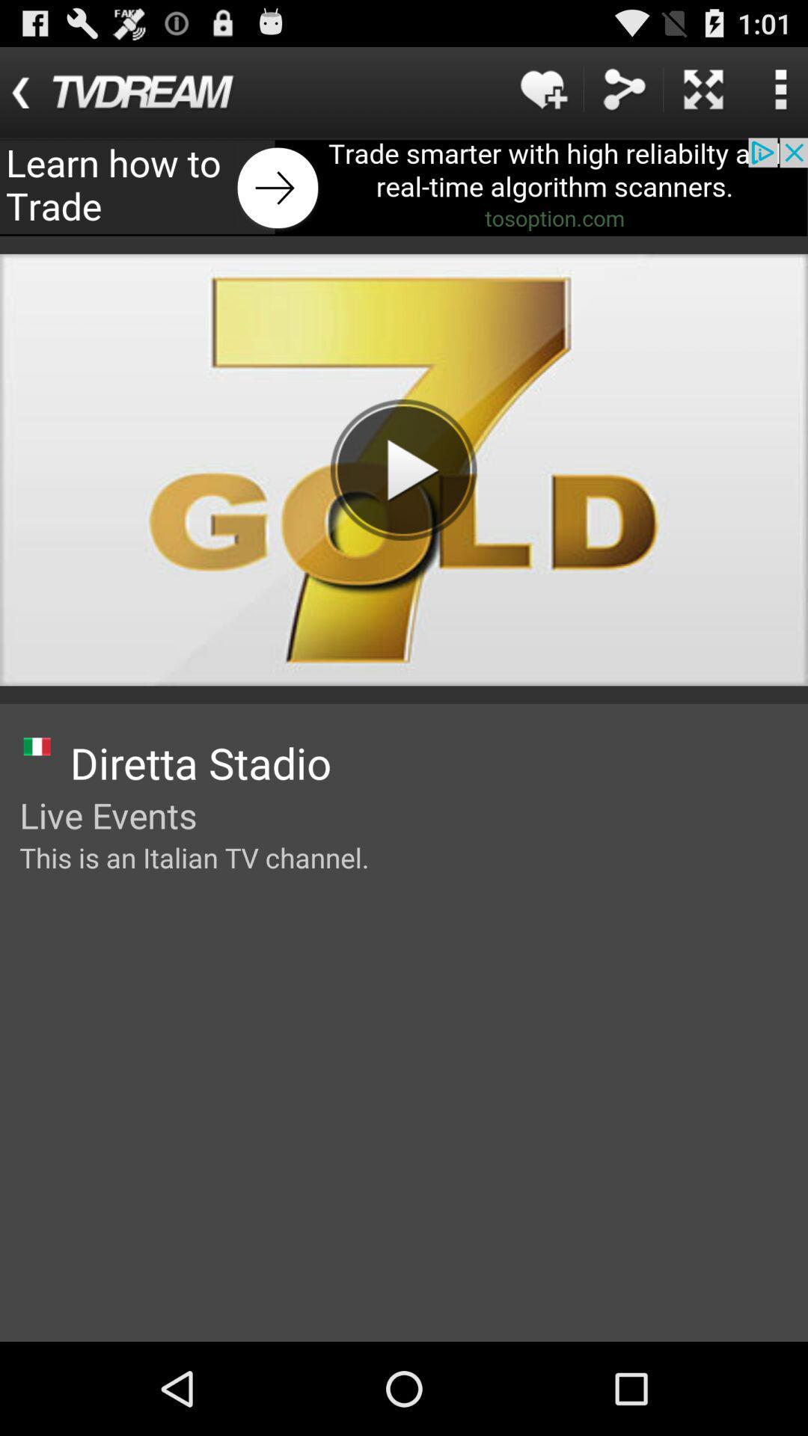  I want to click on the share icon, so click(623, 95).